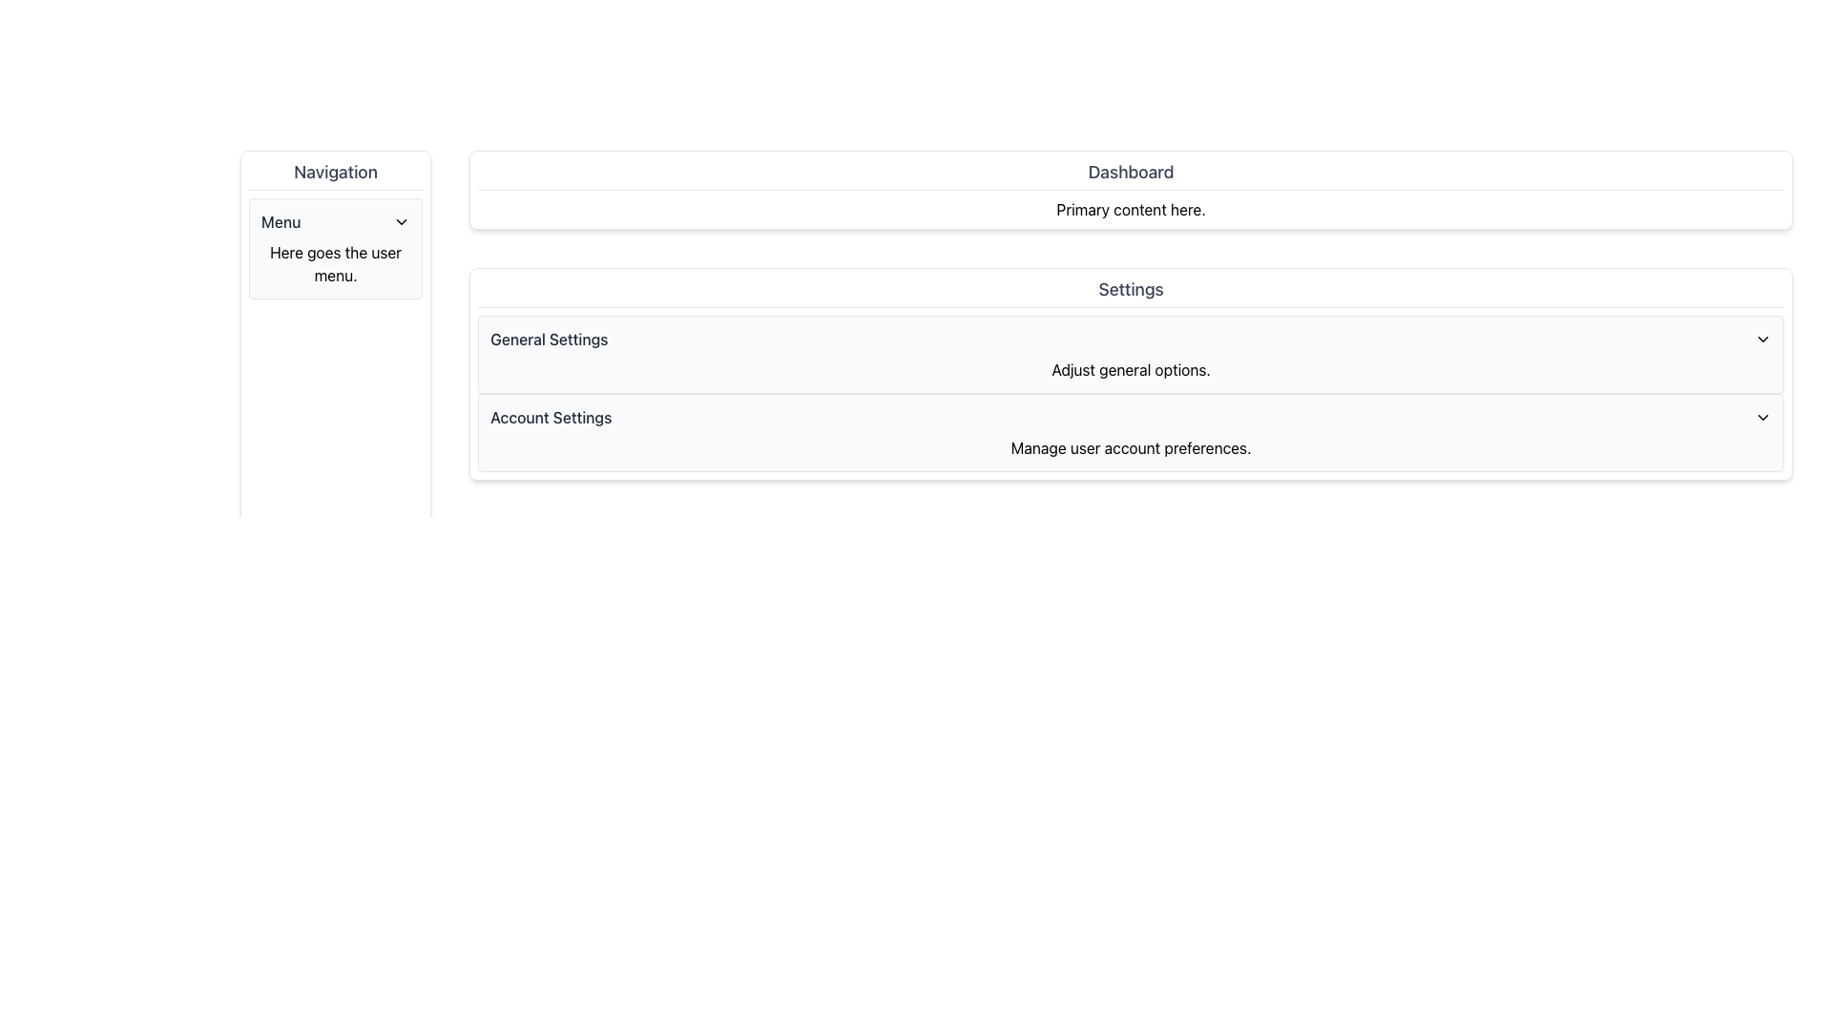  I want to click on the informational Text label located in the left-side panel, underneath the 'Menu' header, as it is the second item in the navigation group, so click(336, 264).